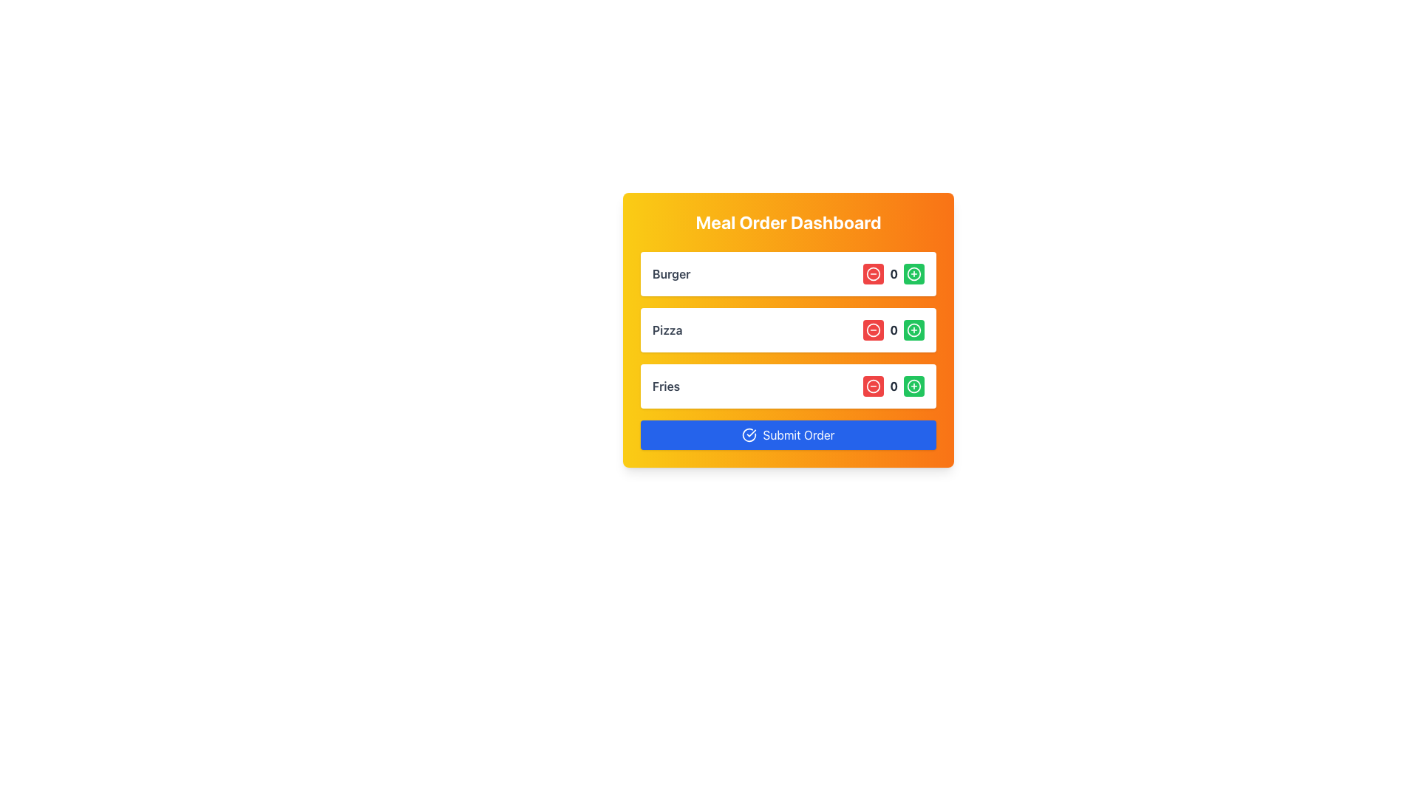  I want to click on the 'decrease count' button for the 'Burger' item, so click(874, 273).